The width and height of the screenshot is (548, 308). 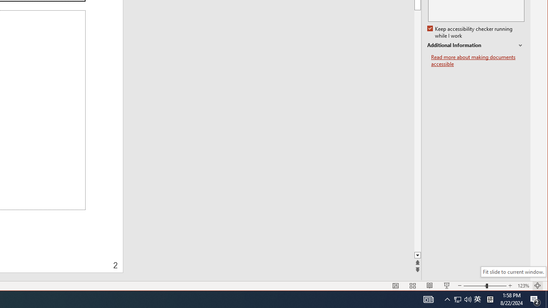 What do you see at coordinates (470, 32) in the screenshot?
I see `'Keep accessibility checker running while I work'` at bounding box center [470, 32].